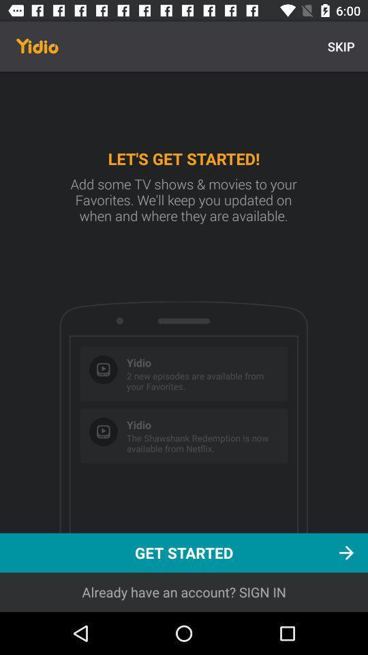 The image size is (368, 655). I want to click on icon below the get started, so click(184, 592).